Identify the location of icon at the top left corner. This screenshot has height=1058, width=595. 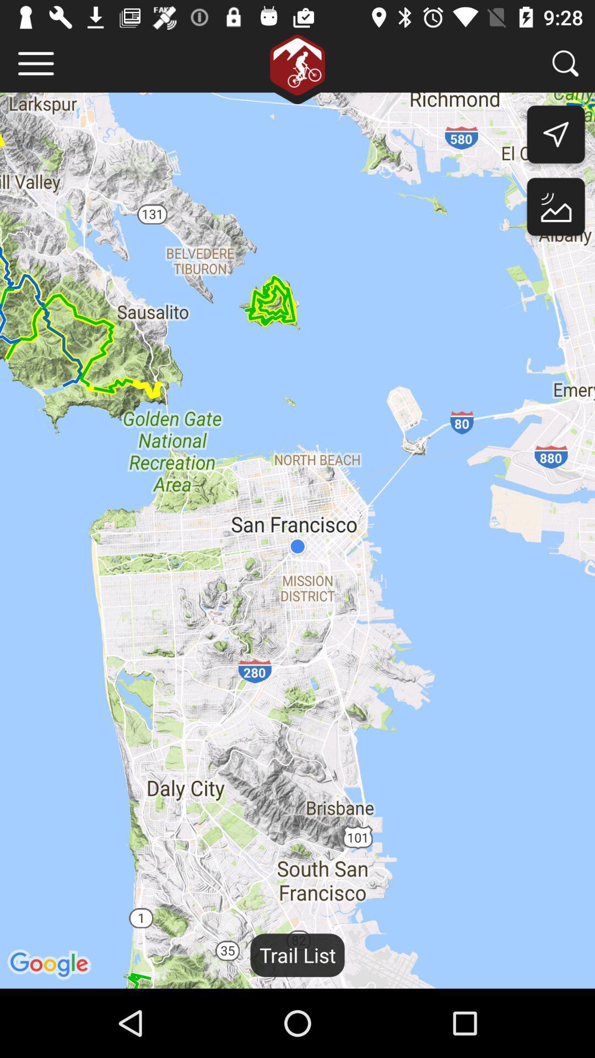
(35, 63).